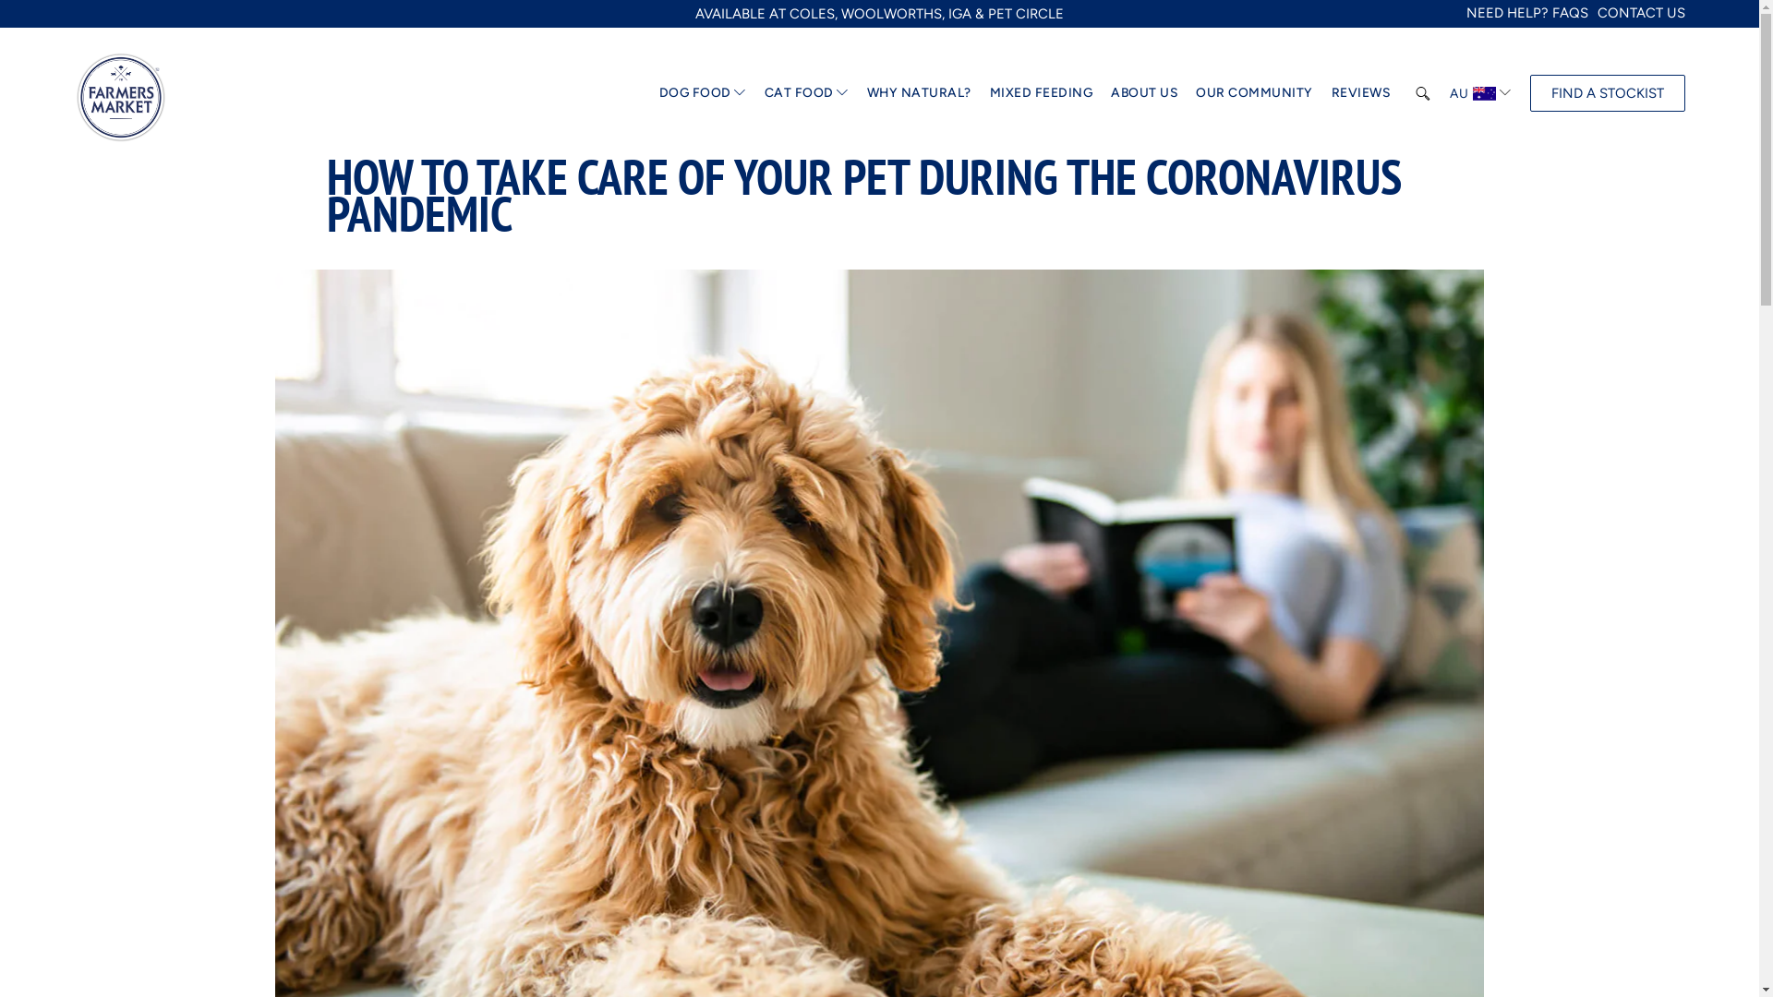  I want to click on 'REVIEWS', so click(1331, 92).